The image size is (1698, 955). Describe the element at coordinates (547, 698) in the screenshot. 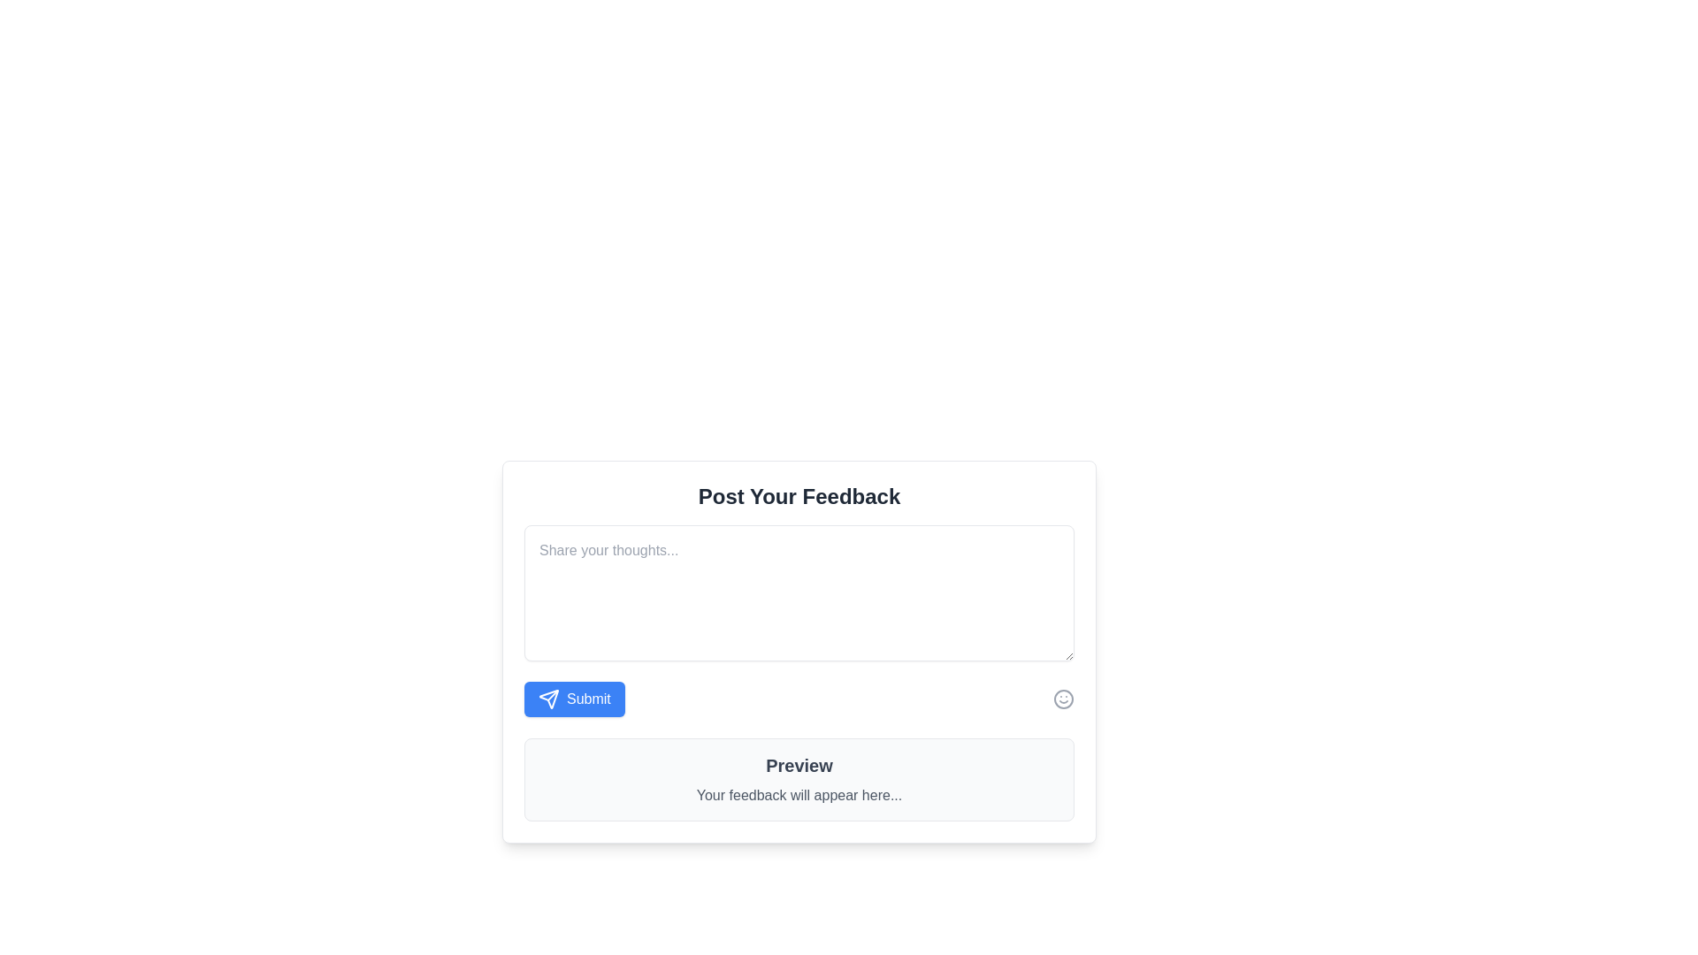

I see `SVG icon that indicates the action of submitting the form, located inside the 'Submit' button` at that location.